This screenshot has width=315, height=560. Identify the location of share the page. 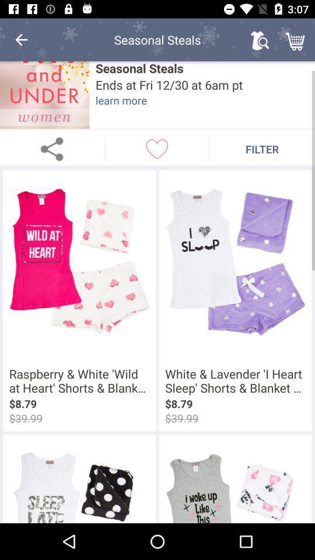
(51, 148).